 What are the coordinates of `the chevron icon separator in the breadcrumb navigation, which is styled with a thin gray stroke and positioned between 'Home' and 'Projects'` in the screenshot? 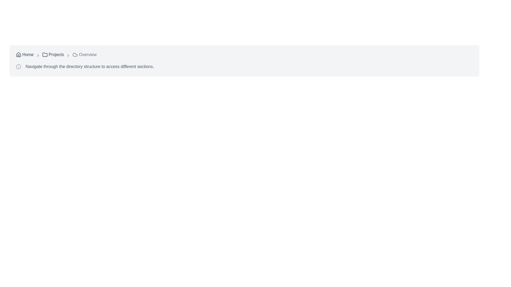 It's located at (38, 55).